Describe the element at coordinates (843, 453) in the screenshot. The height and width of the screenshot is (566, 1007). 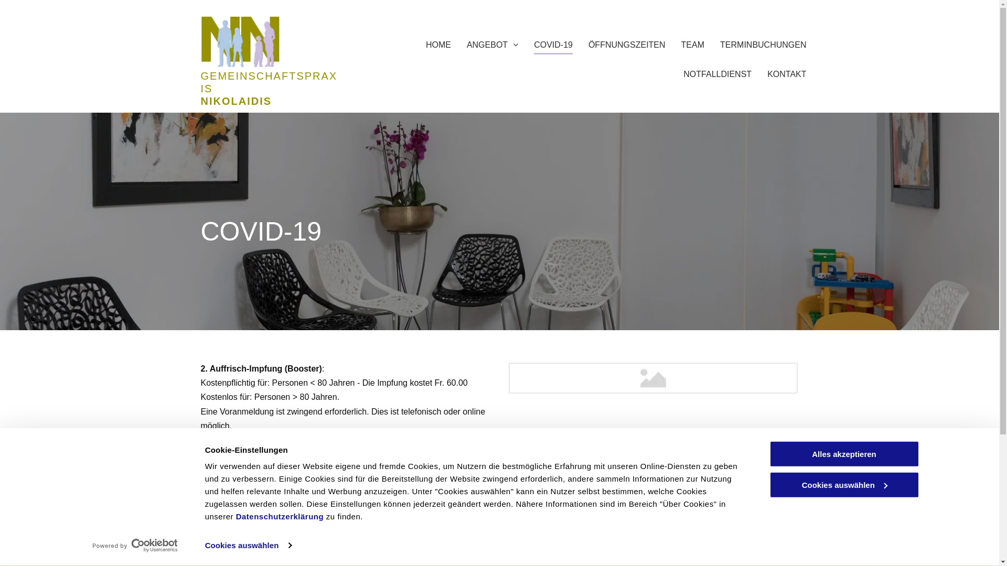
I see `'Alles akzeptieren'` at that location.